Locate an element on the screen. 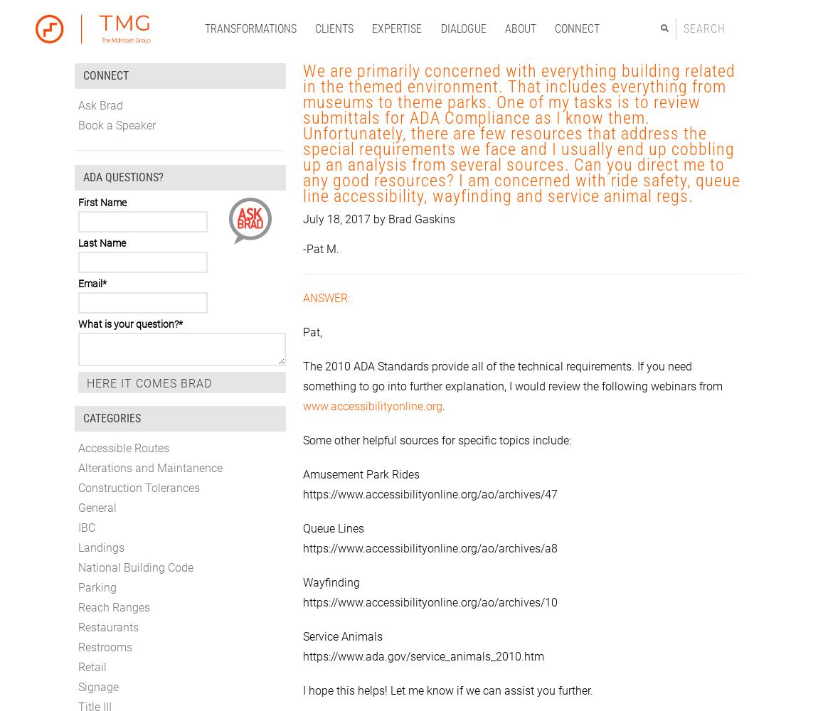 The image size is (818, 711). 'Expertise' is located at coordinates (396, 28).